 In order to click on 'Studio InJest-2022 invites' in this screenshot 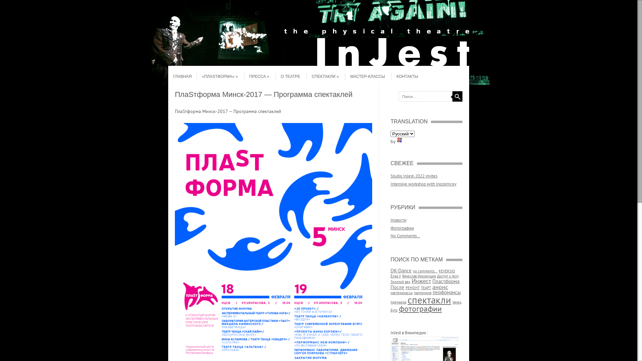, I will do `click(390, 175)`.